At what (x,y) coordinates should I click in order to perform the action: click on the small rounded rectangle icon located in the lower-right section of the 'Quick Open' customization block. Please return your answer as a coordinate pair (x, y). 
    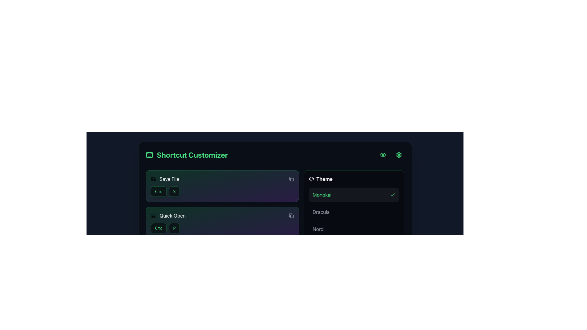
    Looking at the image, I should click on (291, 216).